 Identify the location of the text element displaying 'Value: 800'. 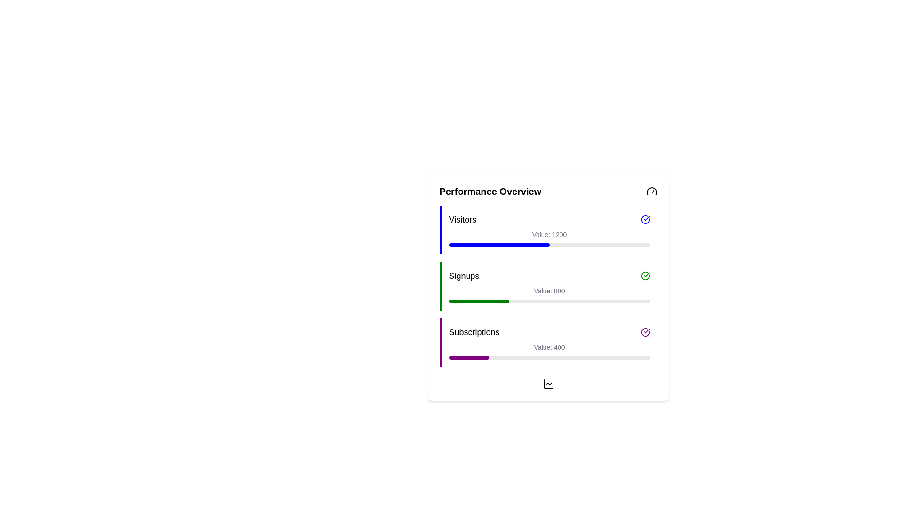
(549, 291).